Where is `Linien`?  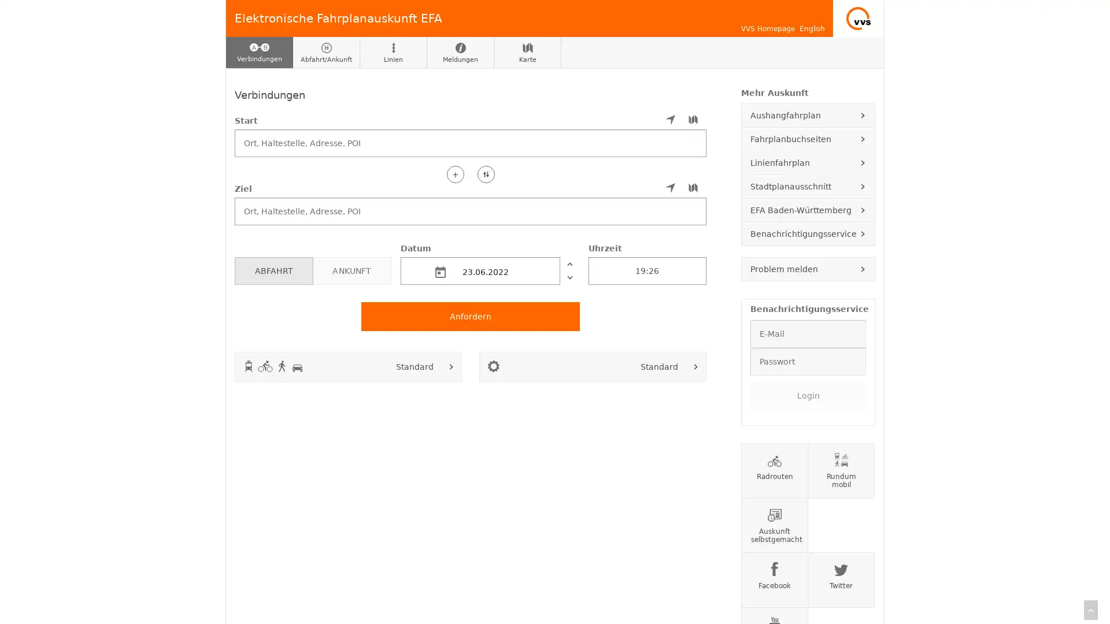 Linien is located at coordinates (394, 53).